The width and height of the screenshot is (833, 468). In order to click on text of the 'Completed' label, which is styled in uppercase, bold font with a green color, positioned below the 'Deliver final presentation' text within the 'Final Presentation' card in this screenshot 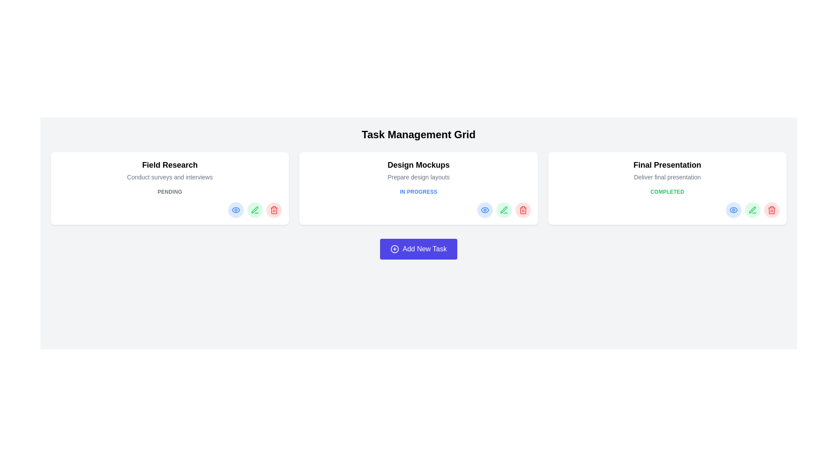, I will do `click(667, 192)`.